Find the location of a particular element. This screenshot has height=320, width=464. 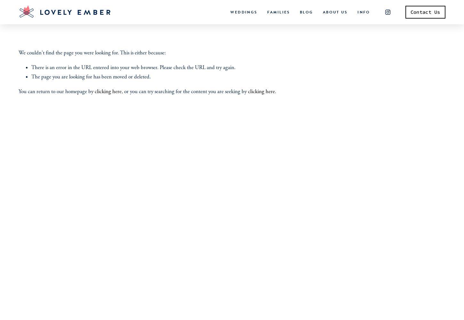

'We couldn't find the page you were looking for. This is either because:' is located at coordinates (19, 52).